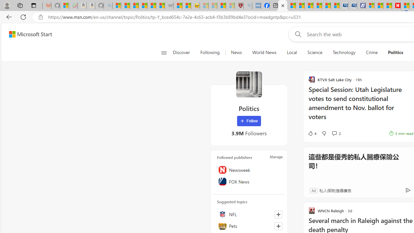  What do you see at coordinates (230, 6) in the screenshot?
I see `'12 Popular Science Lies that Must be Corrected - Sleeping'` at bounding box center [230, 6].